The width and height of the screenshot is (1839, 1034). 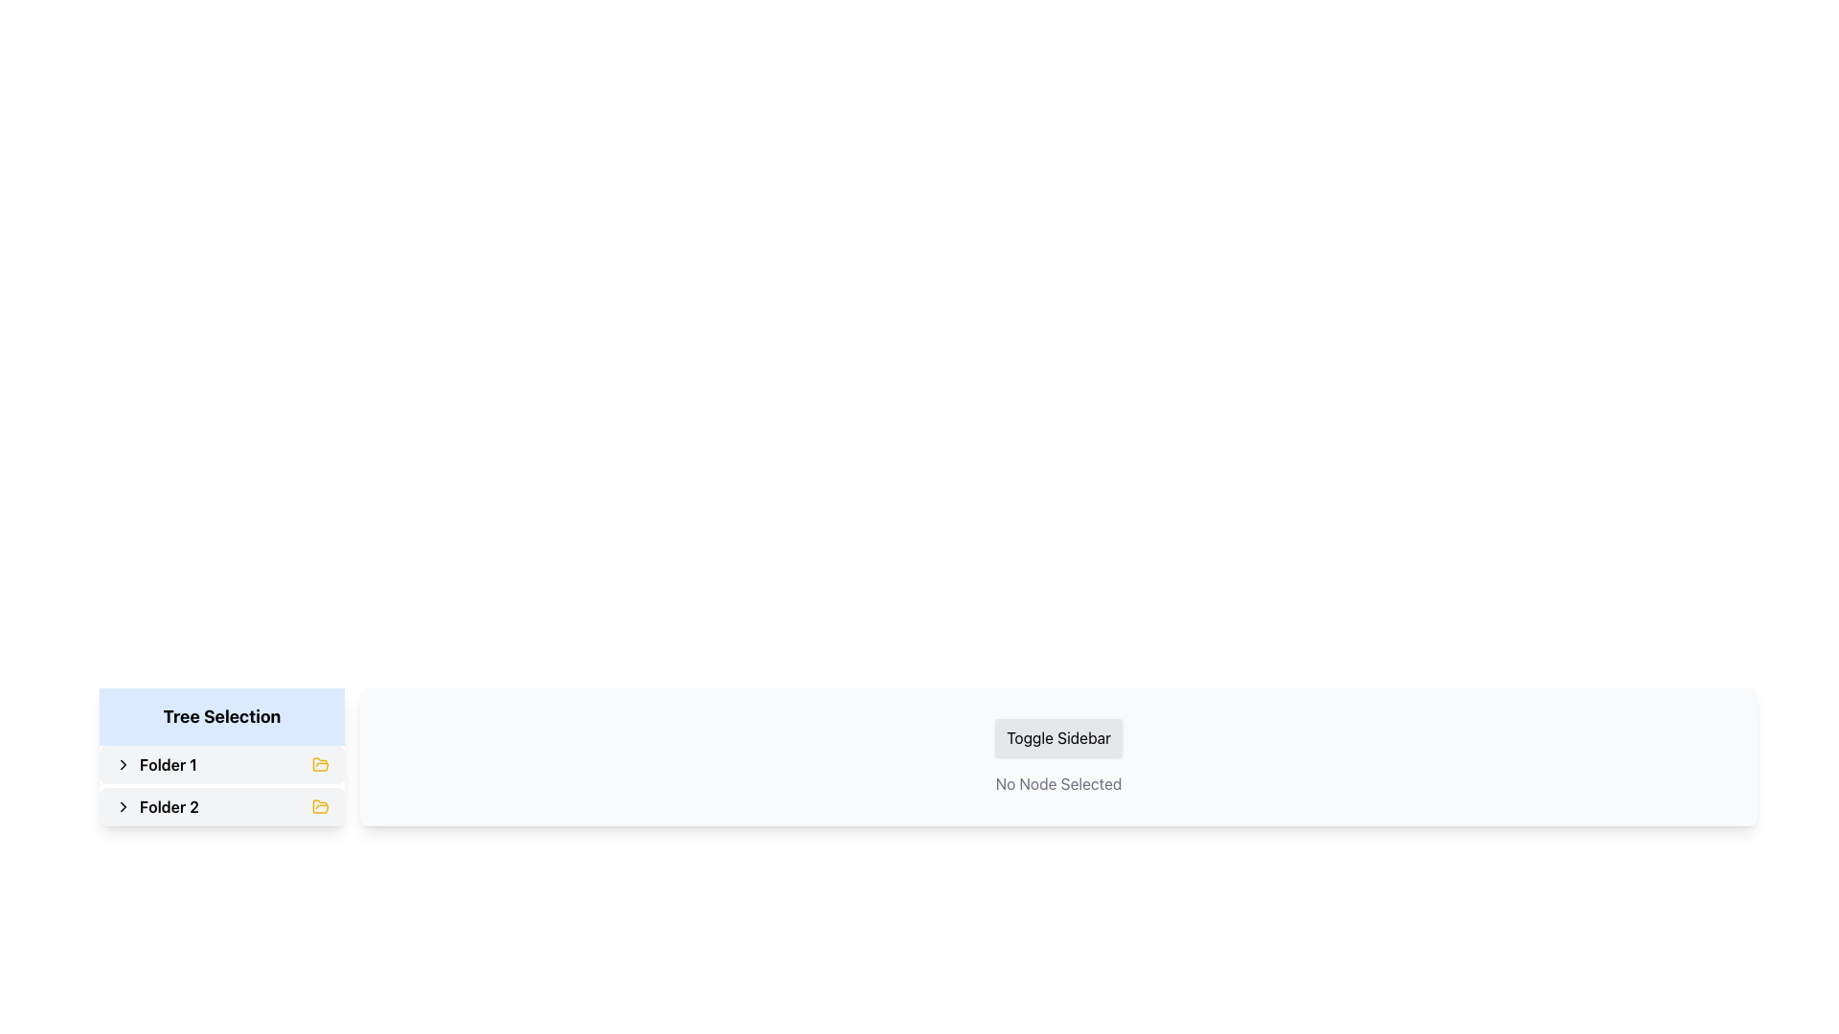 I want to click on the Text Label that serves as the title or heading for the tree structure view, so click(x=221, y=716).